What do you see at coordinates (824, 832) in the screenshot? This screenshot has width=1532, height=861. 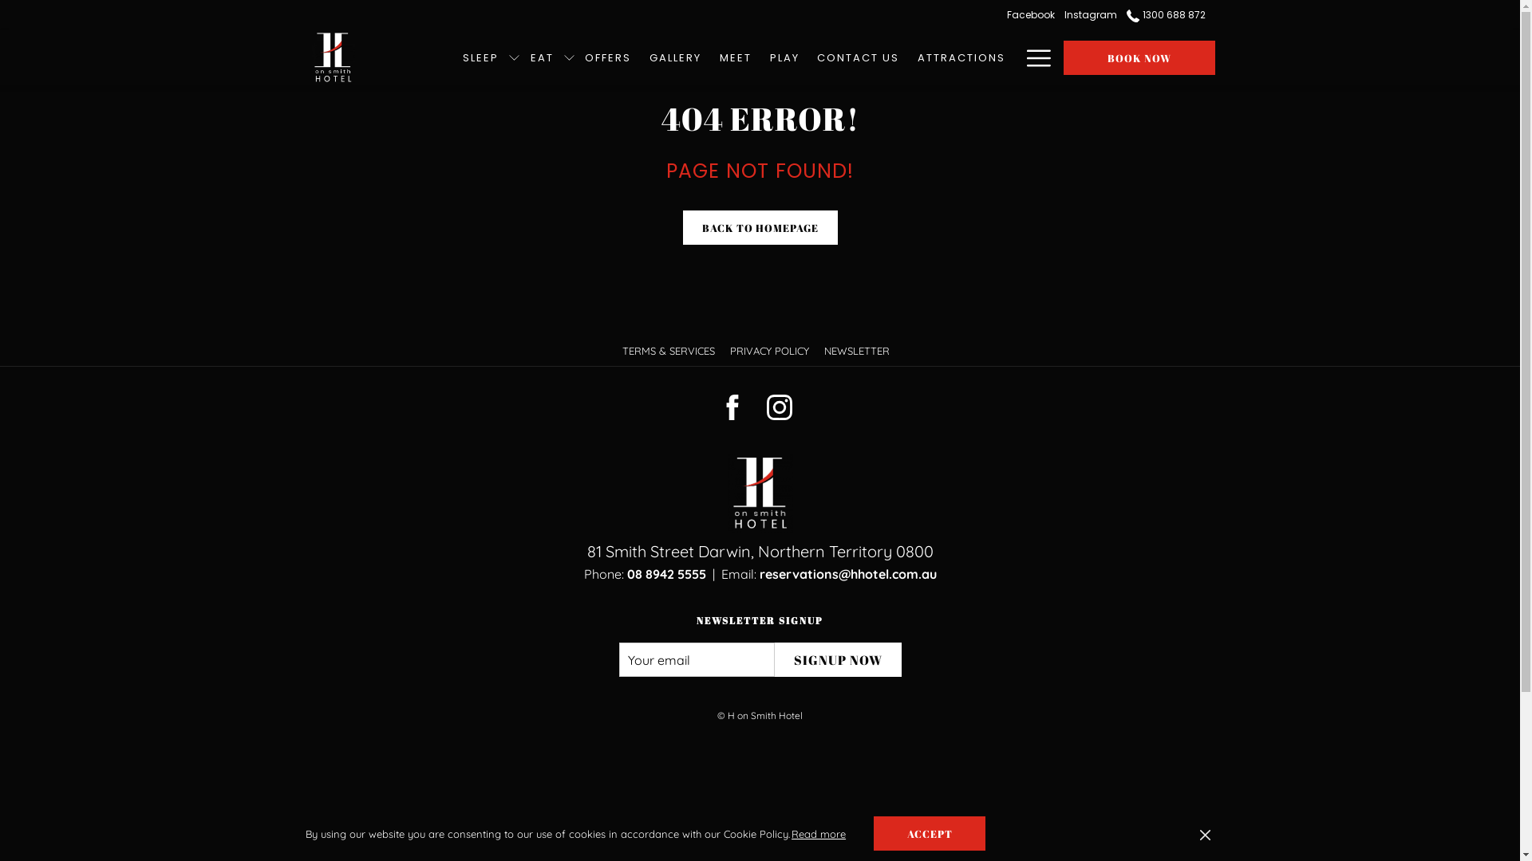 I see `'Read more'` at bounding box center [824, 832].